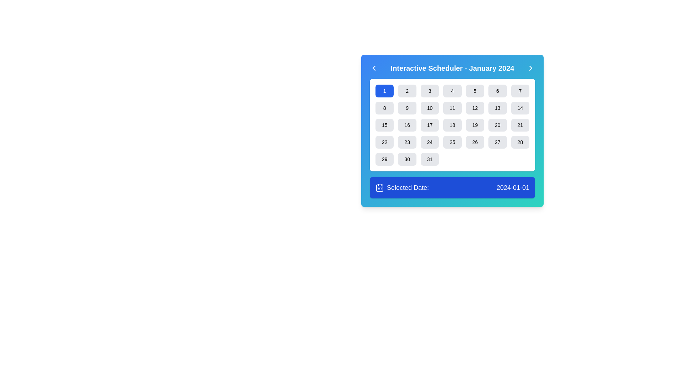  I want to click on the button representing the date '31' in the calendar interface, so click(429, 159).